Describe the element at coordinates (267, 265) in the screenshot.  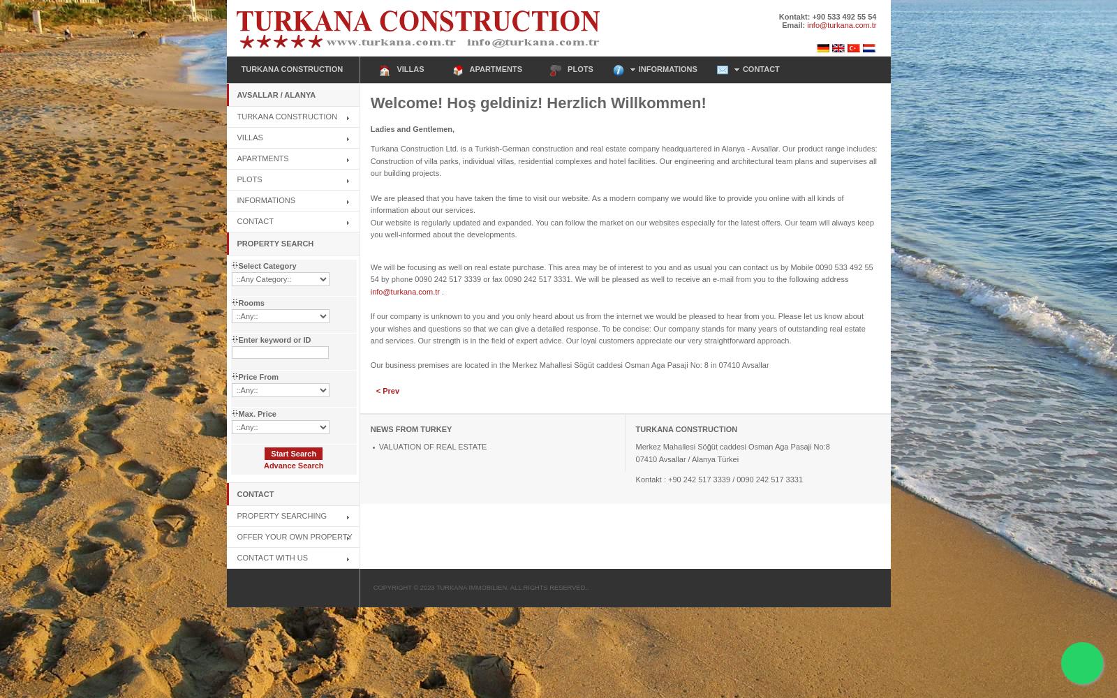
I see `'Select Category'` at that location.